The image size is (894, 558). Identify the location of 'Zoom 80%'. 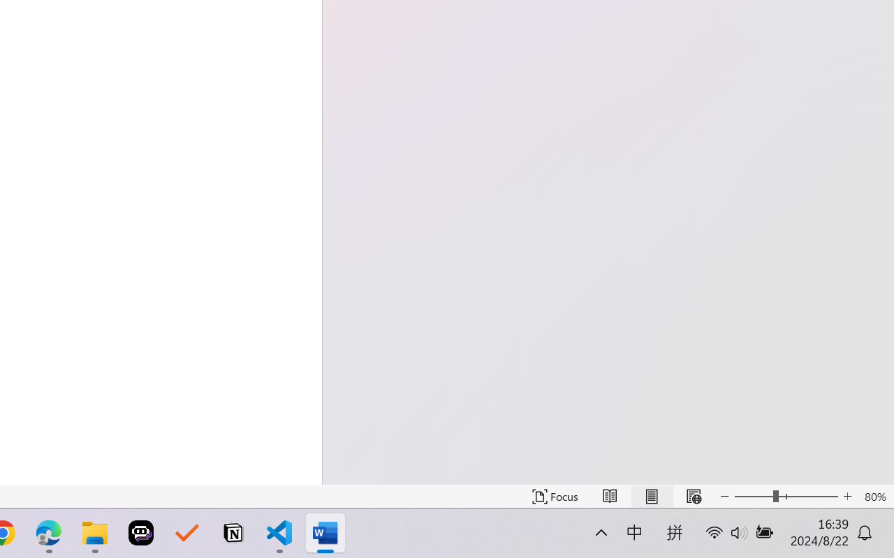
(874, 496).